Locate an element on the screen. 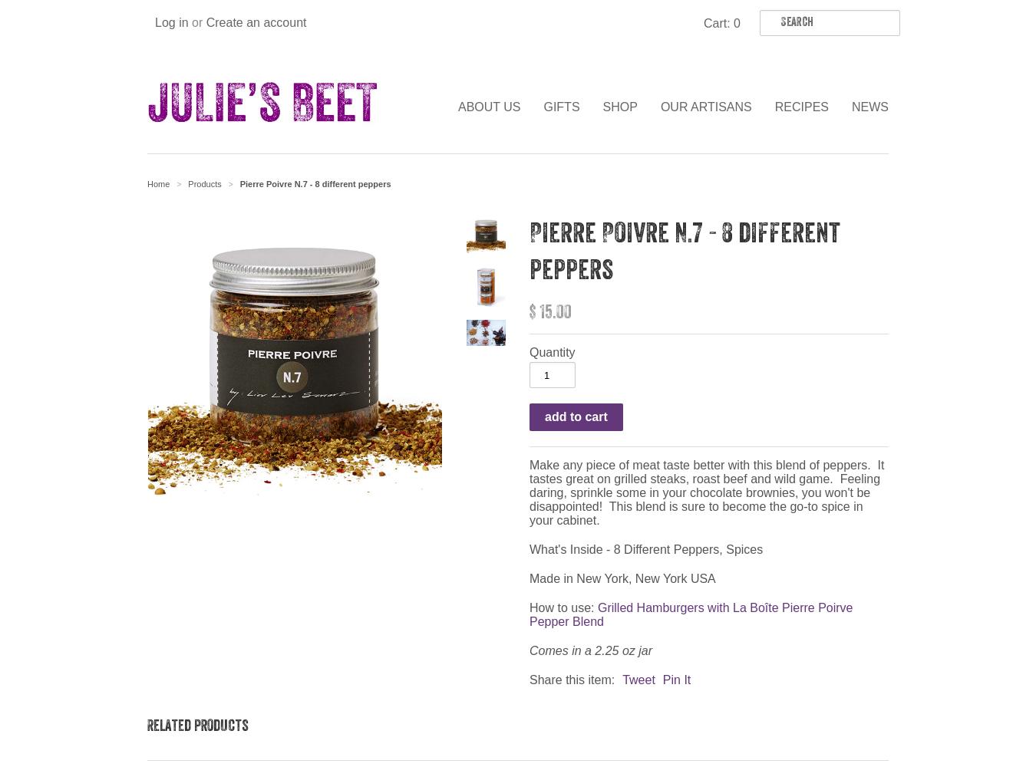  'Pin It' is located at coordinates (676, 680).